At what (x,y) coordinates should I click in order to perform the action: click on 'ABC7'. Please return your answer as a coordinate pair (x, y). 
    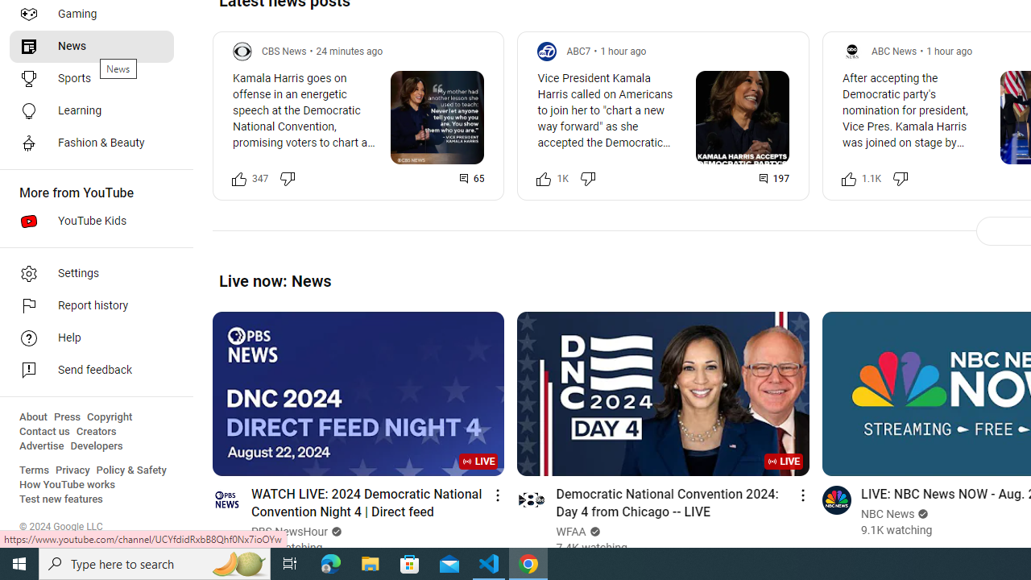
    Looking at the image, I should click on (578, 50).